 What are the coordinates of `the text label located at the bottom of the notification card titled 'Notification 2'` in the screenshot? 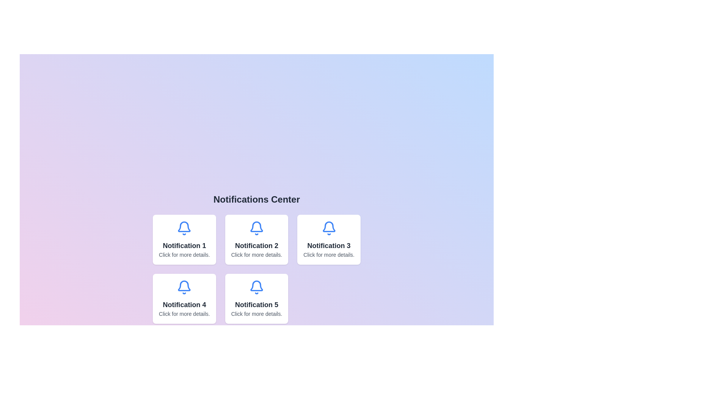 It's located at (256, 254).